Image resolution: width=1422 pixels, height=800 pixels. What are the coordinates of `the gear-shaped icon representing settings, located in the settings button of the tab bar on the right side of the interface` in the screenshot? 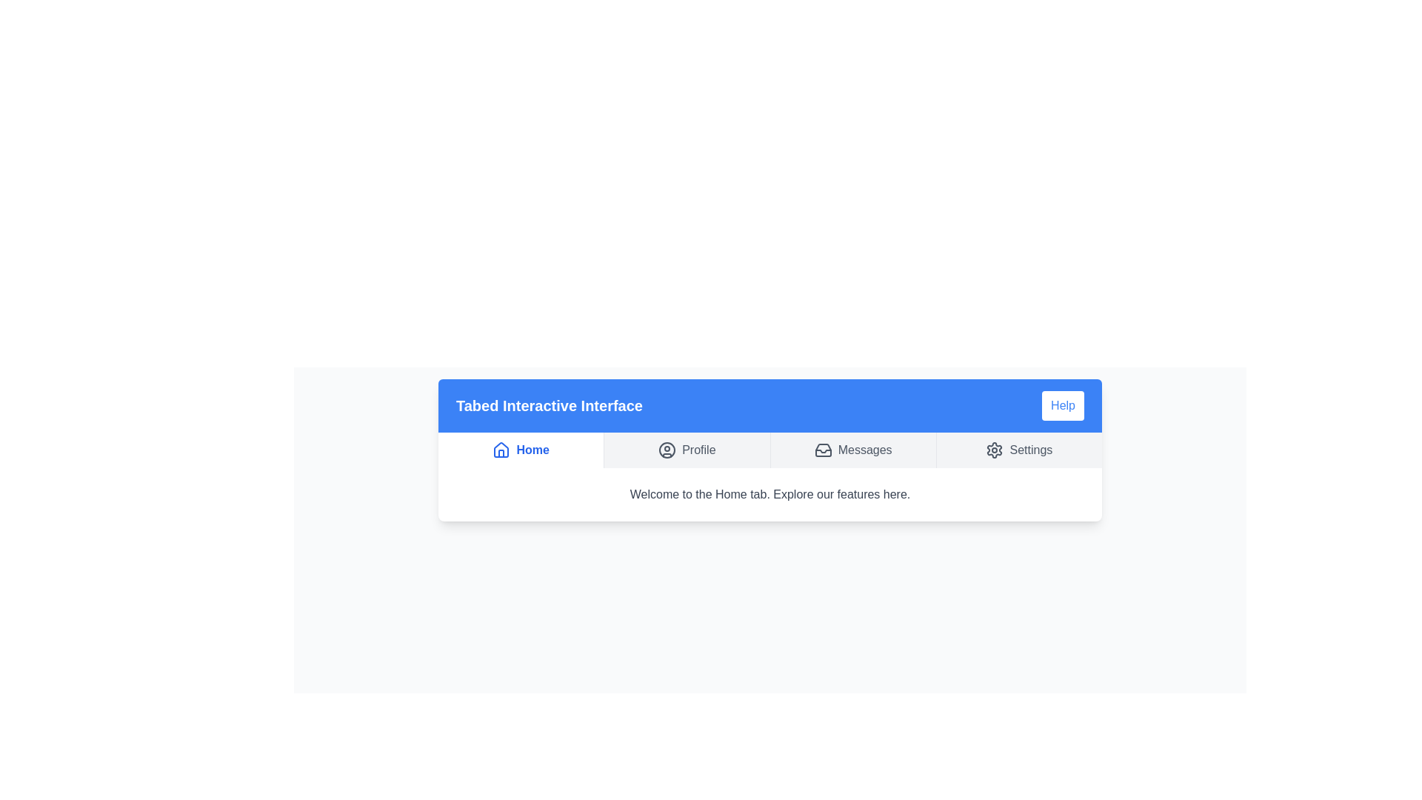 It's located at (995, 450).